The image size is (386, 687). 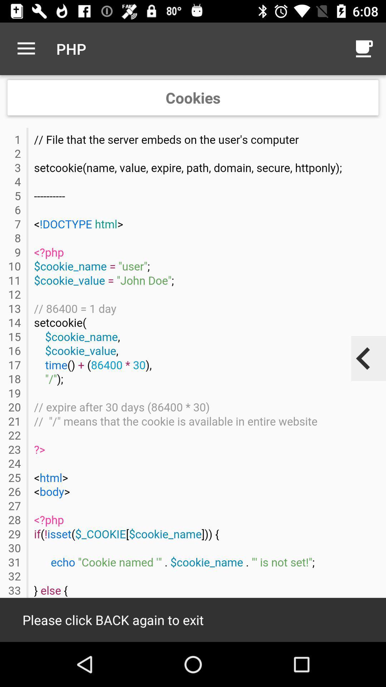 What do you see at coordinates (363, 359) in the screenshot?
I see `previous page` at bounding box center [363, 359].